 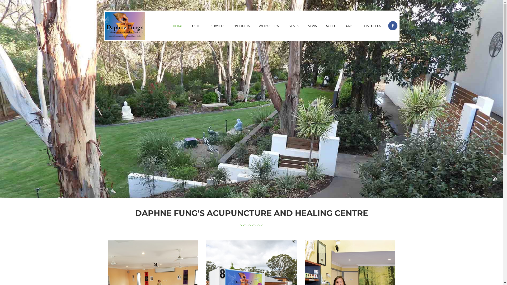 What do you see at coordinates (217, 26) in the screenshot?
I see `'SERVICES'` at bounding box center [217, 26].